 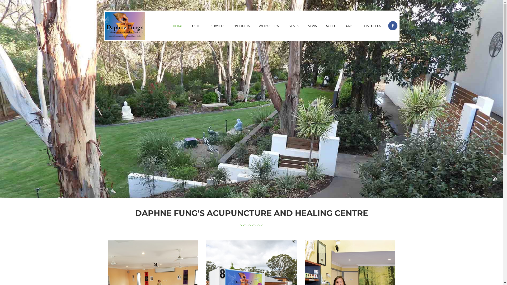 What do you see at coordinates (217, 26) in the screenshot?
I see `'SERVICES'` at bounding box center [217, 26].